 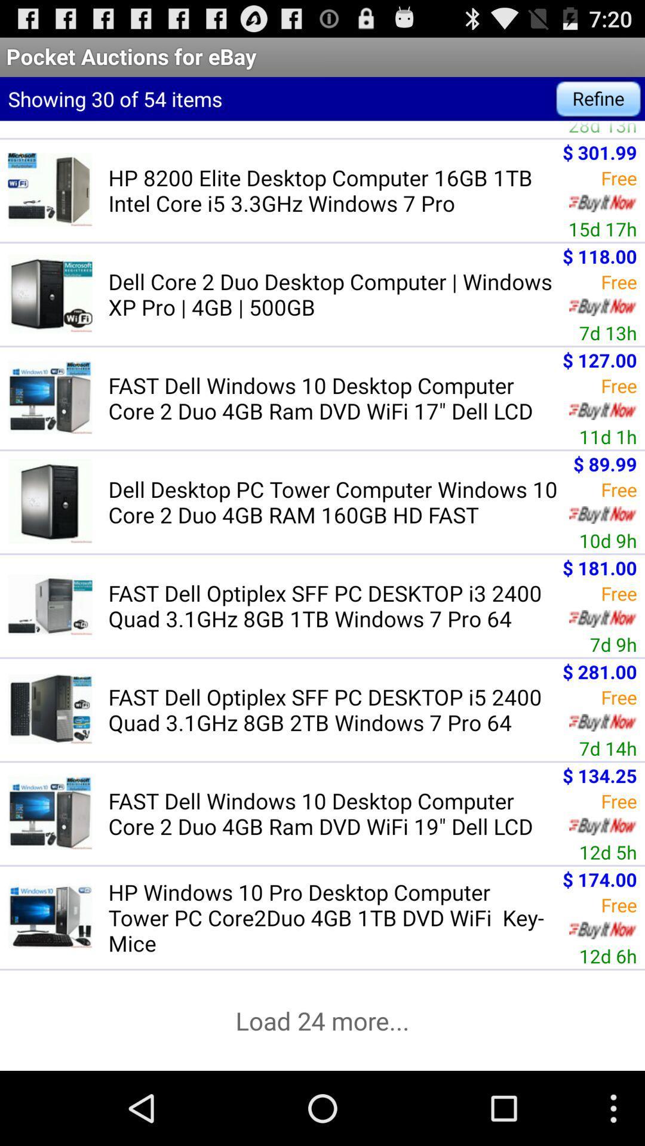 What do you see at coordinates (603, 129) in the screenshot?
I see `the button below the refine icon` at bounding box center [603, 129].